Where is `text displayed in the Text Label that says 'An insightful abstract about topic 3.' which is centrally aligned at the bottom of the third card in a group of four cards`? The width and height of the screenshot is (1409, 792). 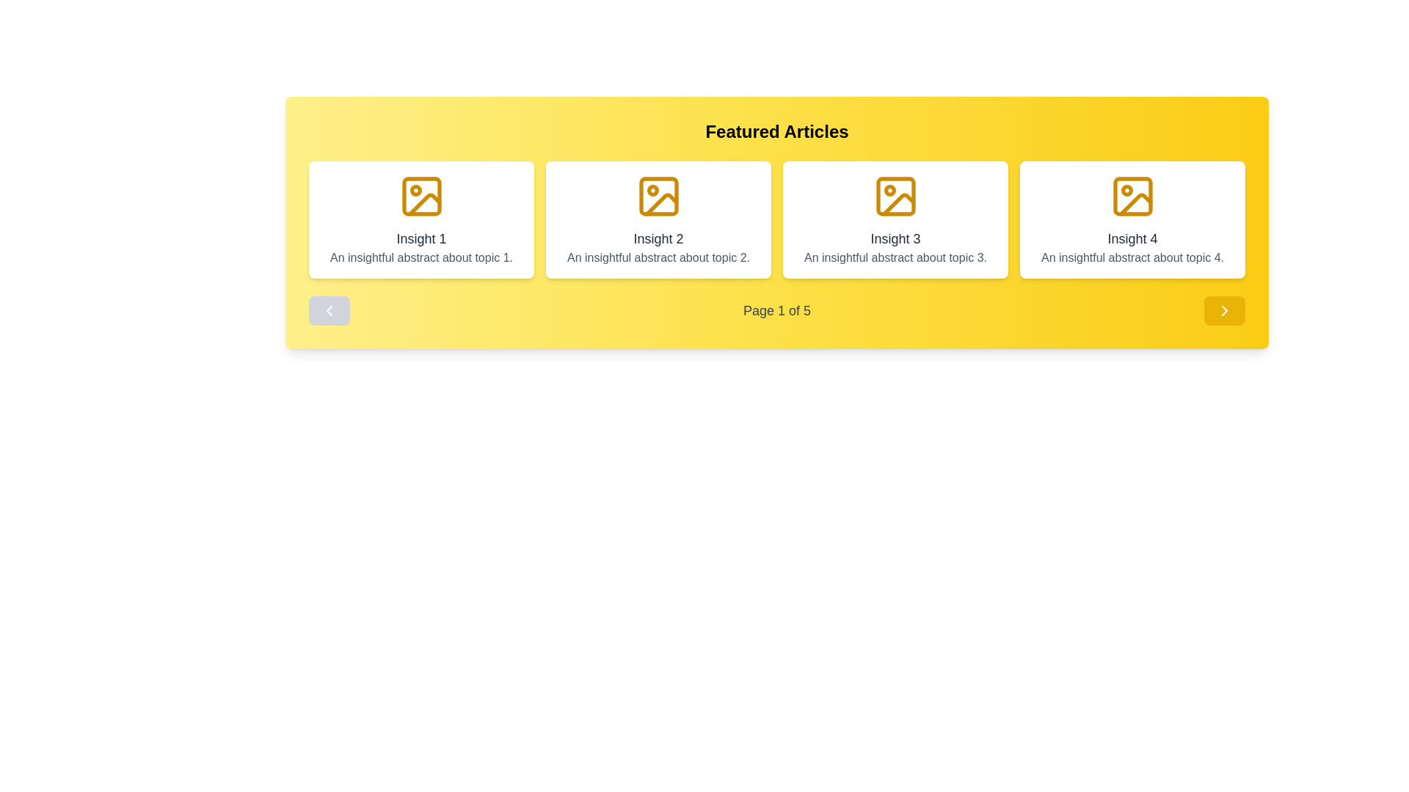
text displayed in the Text Label that says 'An insightful abstract about topic 3.' which is centrally aligned at the bottom of the third card in a group of four cards is located at coordinates (895, 257).